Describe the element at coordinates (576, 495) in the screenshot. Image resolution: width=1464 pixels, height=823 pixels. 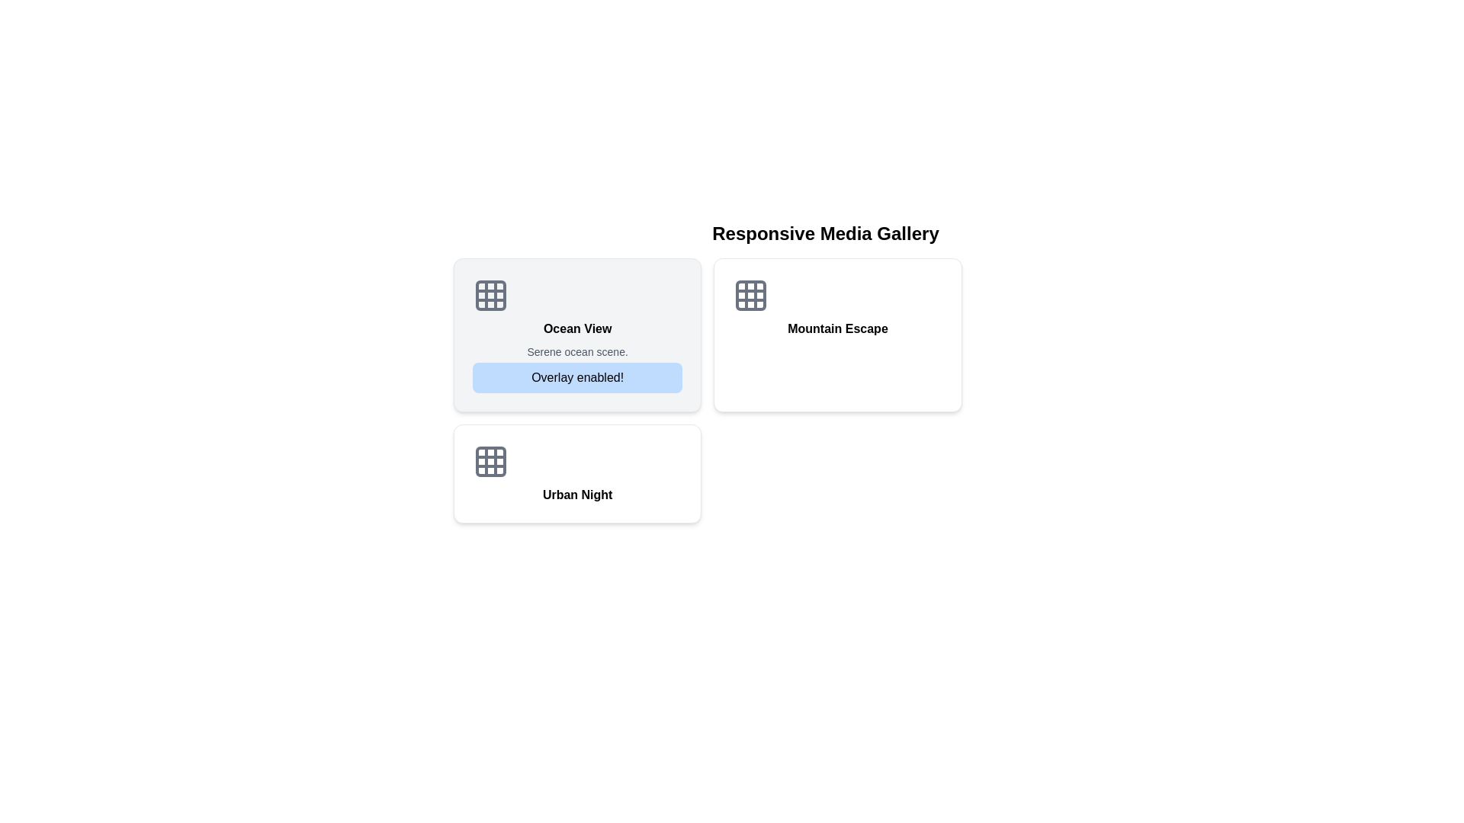
I see `text content of the label positioned below the grid icon in the bottom-left card of the layout` at that location.